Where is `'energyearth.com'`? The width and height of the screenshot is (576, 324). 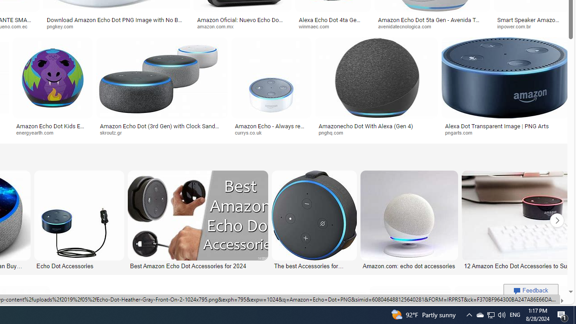 'energyearth.com' is located at coordinates (52, 133).